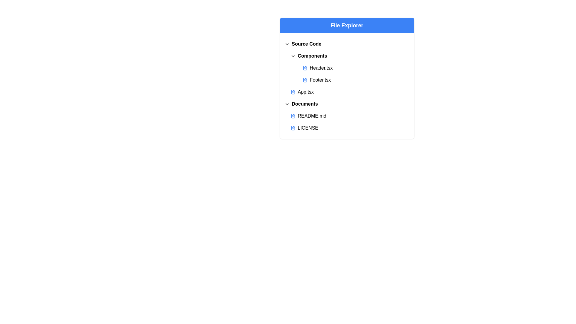 Image resolution: width=576 pixels, height=324 pixels. I want to click on the document icon representing the 'Footer.tsx' file located in the 'Components' section of the File Explorer, so click(305, 79).